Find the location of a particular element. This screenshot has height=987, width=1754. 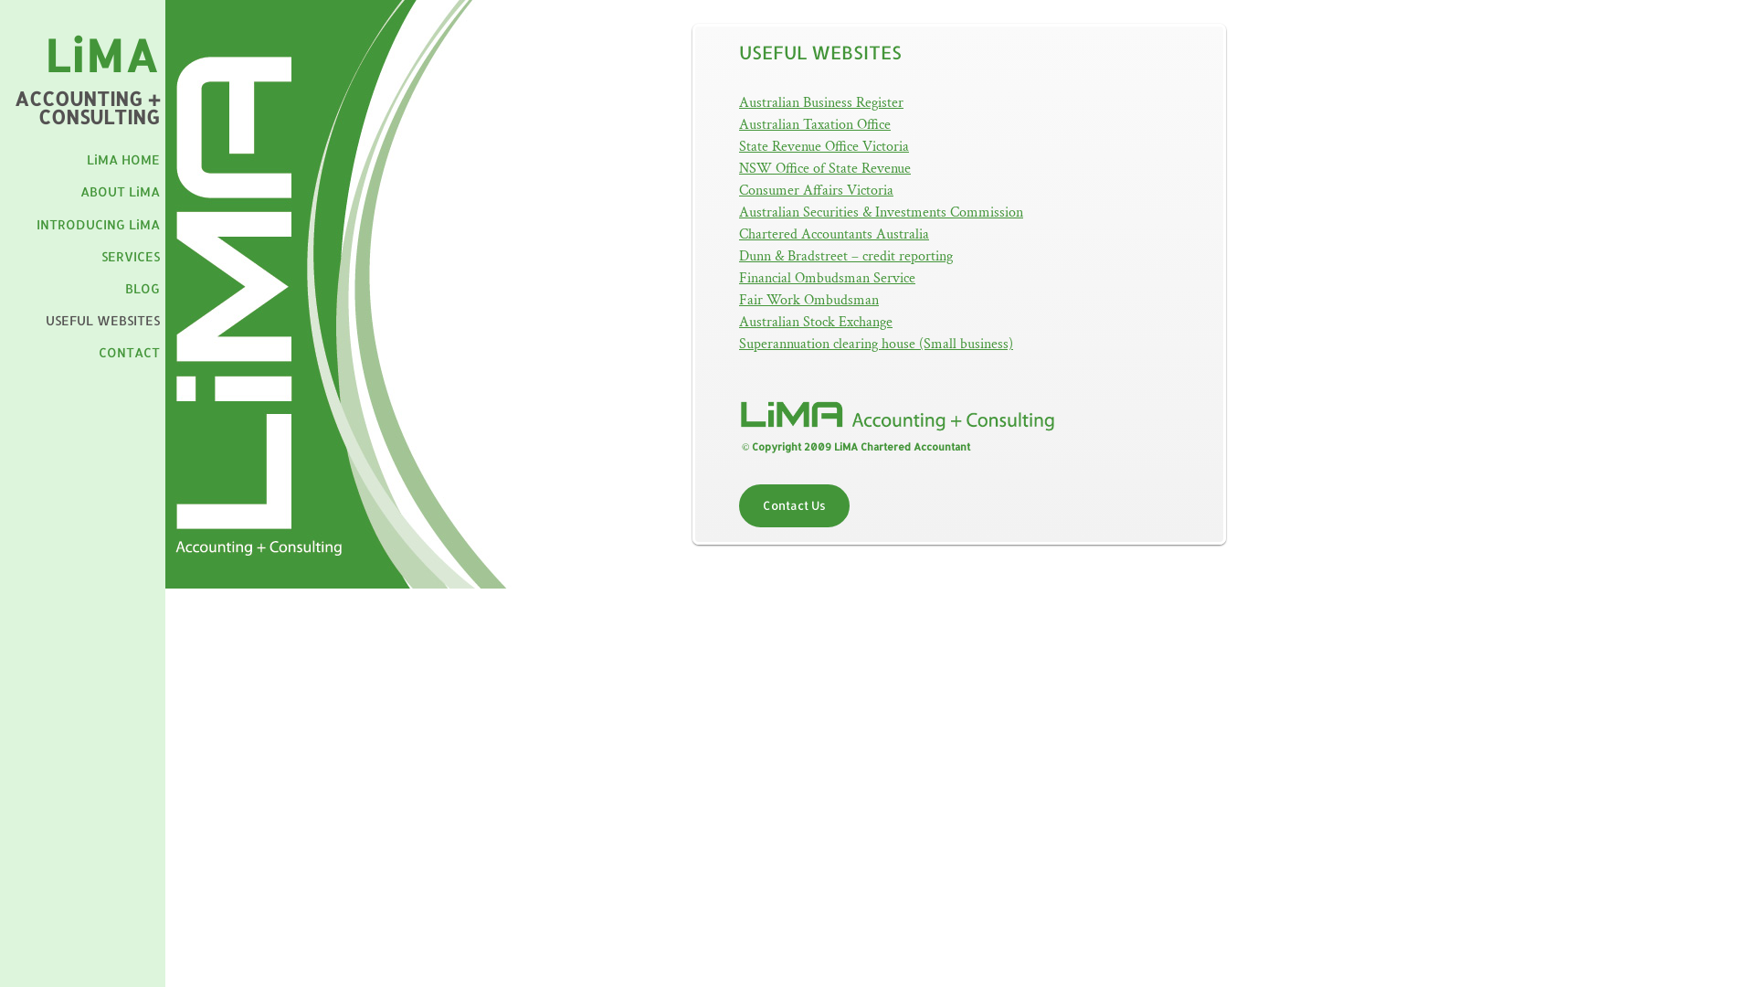

'LiMA HOME' is located at coordinates (86, 158).